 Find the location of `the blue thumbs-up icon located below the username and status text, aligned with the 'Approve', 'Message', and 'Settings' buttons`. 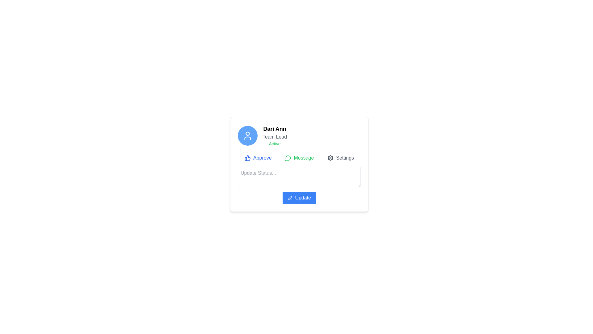

the blue thumbs-up icon located below the username and status text, aligned with the 'Approve', 'Message', and 'Settings' buttons is located at coordinates (247, 157).